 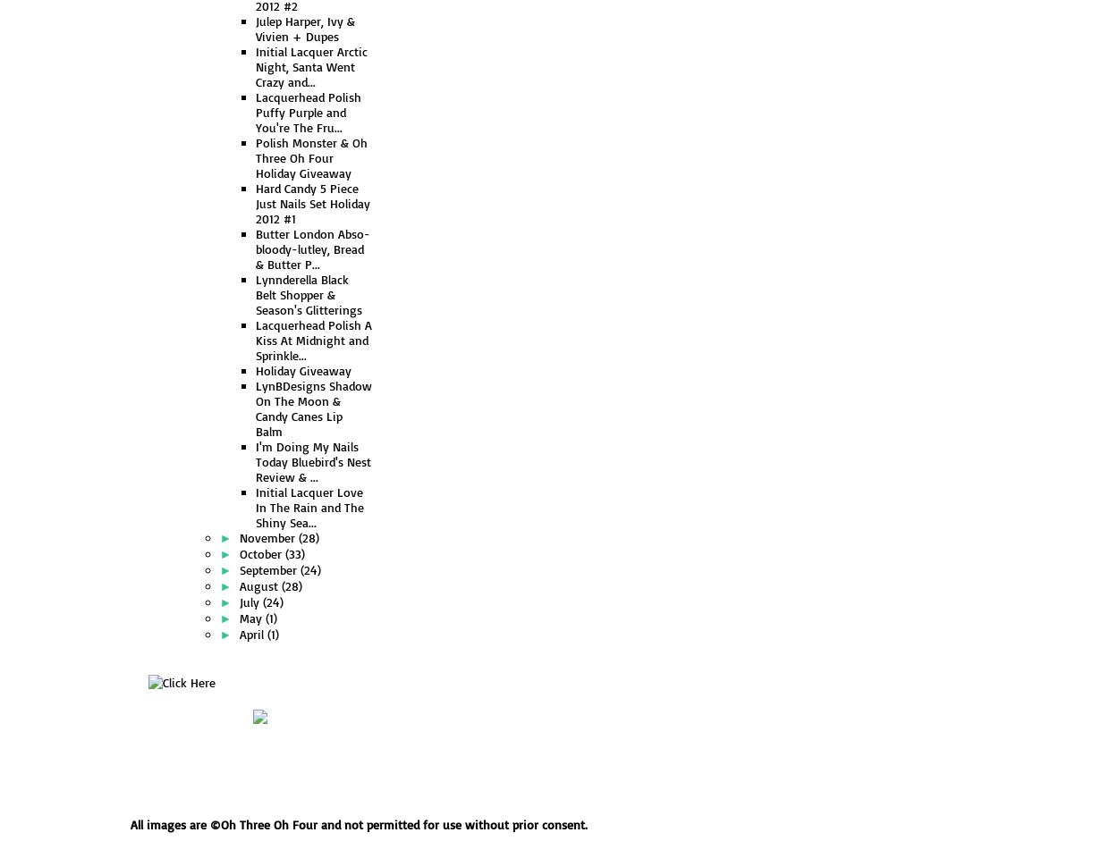 What do you see at coordinates (307, 111) in the screenshot?
I see `'Lacquerhead Polish Puffy Purple and You're The Fru...'` at bounding box center [307, 111].